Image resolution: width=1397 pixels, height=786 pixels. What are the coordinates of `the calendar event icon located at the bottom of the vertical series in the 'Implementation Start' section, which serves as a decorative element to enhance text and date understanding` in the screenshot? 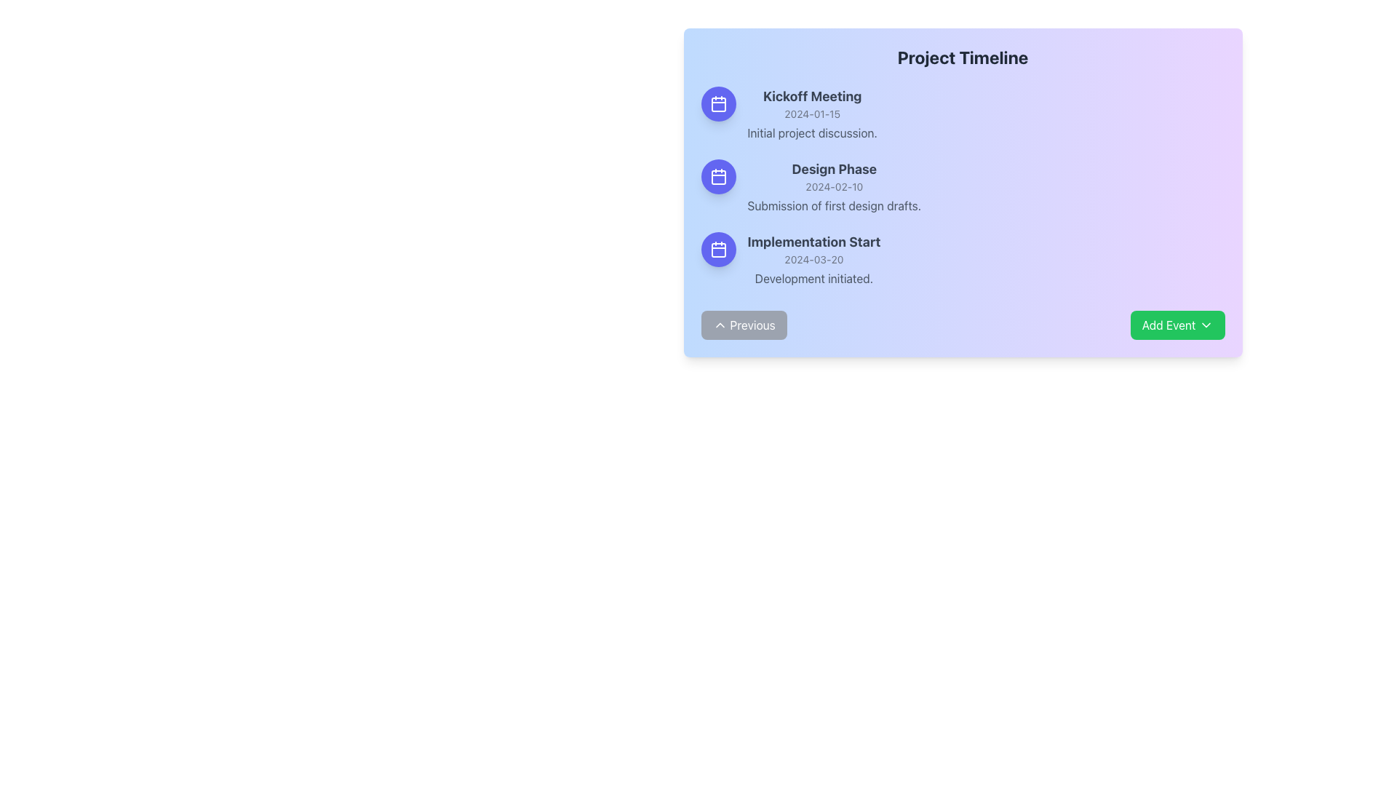 It's located at (718, 249).